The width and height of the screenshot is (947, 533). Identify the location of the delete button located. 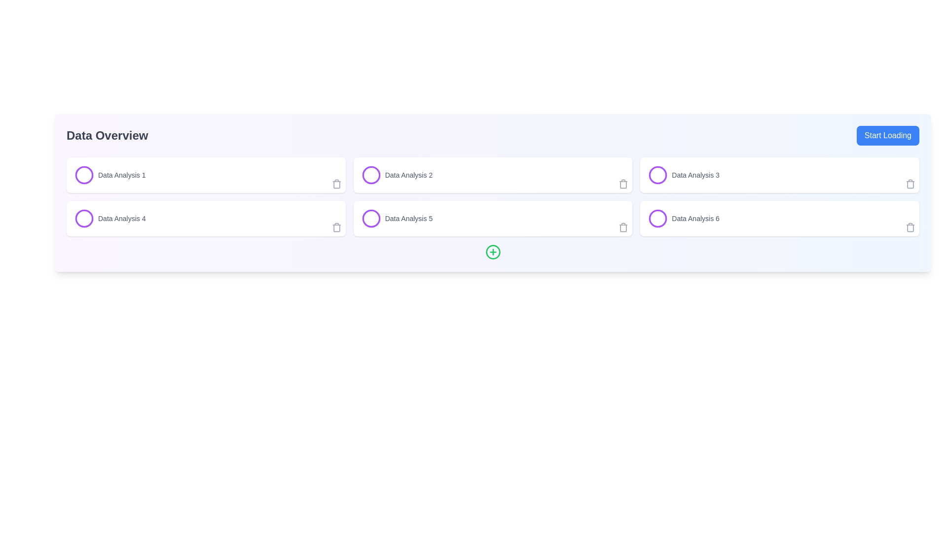
(336, 228).